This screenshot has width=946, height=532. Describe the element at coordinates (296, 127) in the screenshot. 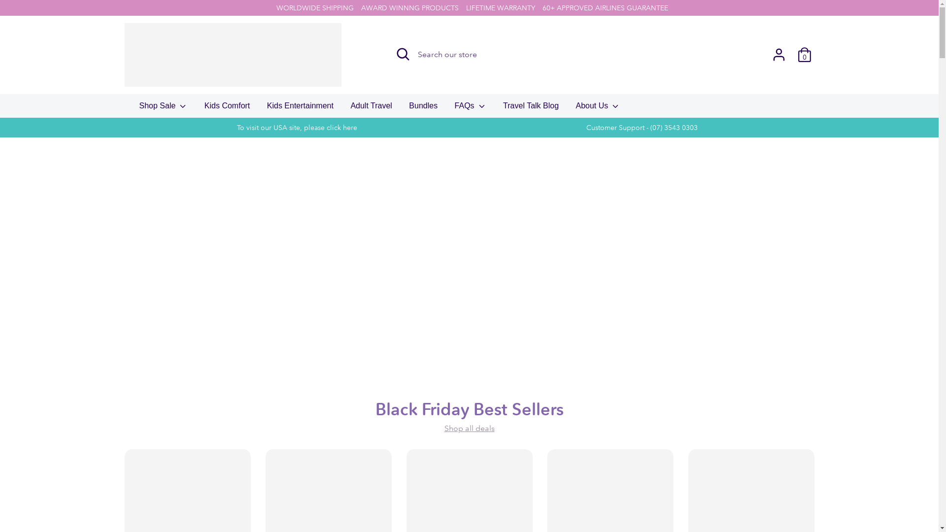

I see `'To visit our USA site, please click here'` at that location.